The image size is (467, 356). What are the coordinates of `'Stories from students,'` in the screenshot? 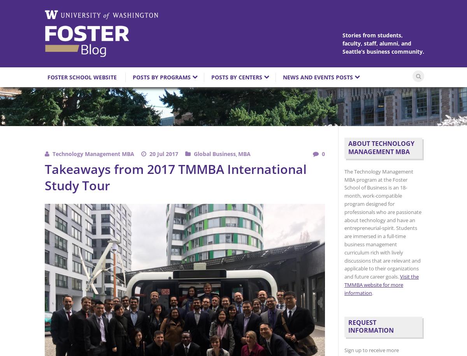 It's located at (372, 35).